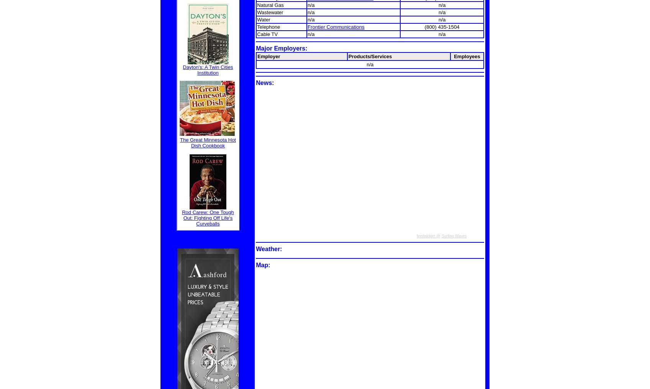 The image size is (650, 389). I want to click on 'Products/Services', so click(370, 56).